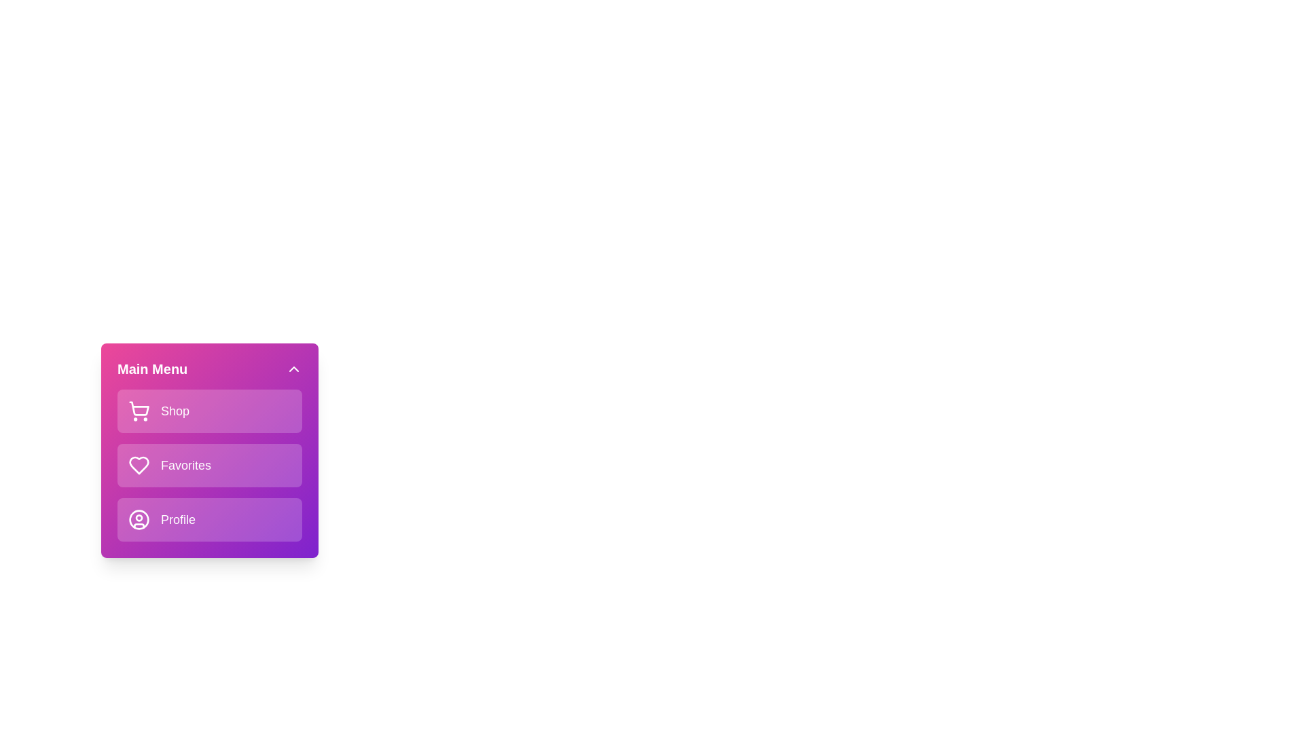 Image resolution: width=1304 pixels, height=733 pixels. What do you see at coordinates (139, 519) in the screenshot?
I see `the menu item icon corresponding to Profile` at bounding box center [139, 519].